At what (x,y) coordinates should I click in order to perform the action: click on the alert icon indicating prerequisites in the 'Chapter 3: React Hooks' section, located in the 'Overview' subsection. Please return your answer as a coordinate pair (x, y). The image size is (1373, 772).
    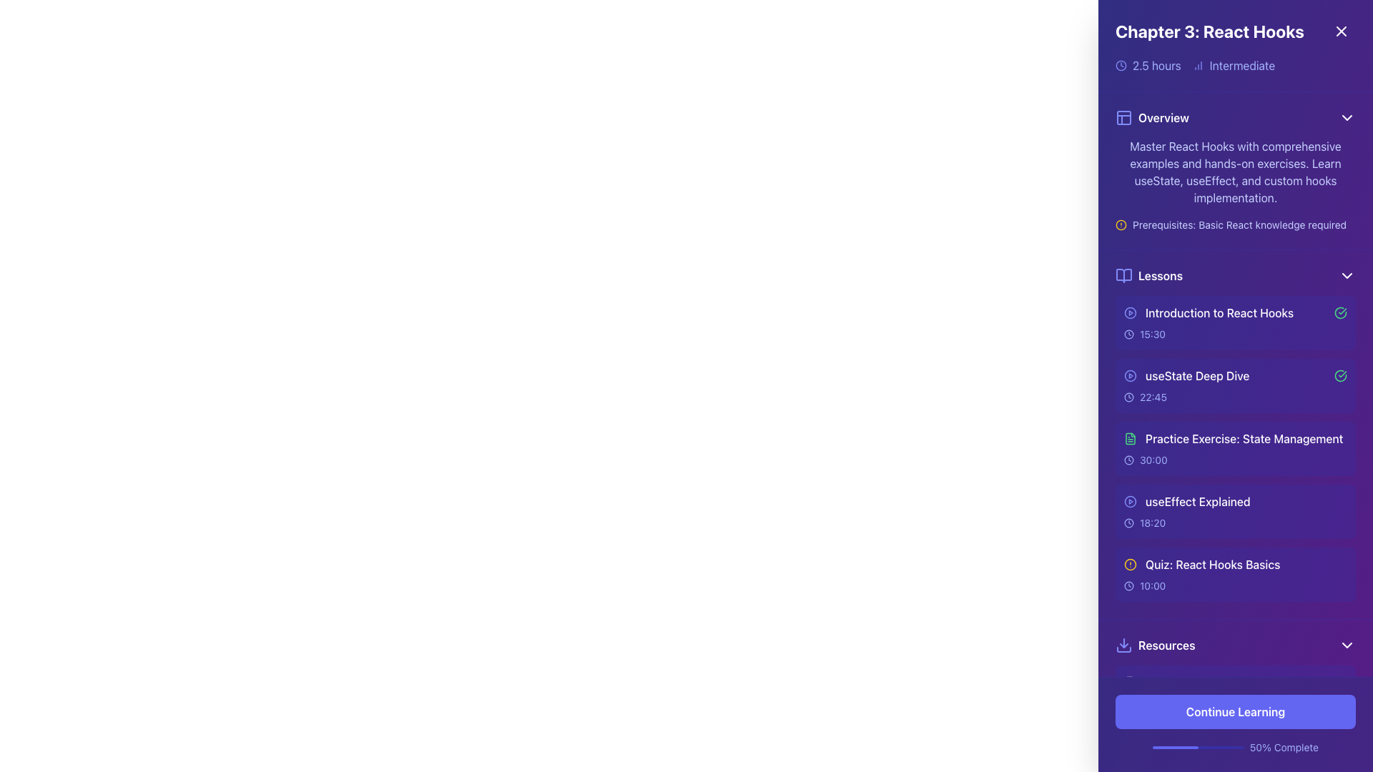
    Looking at the image, I should click on (1121, 225).